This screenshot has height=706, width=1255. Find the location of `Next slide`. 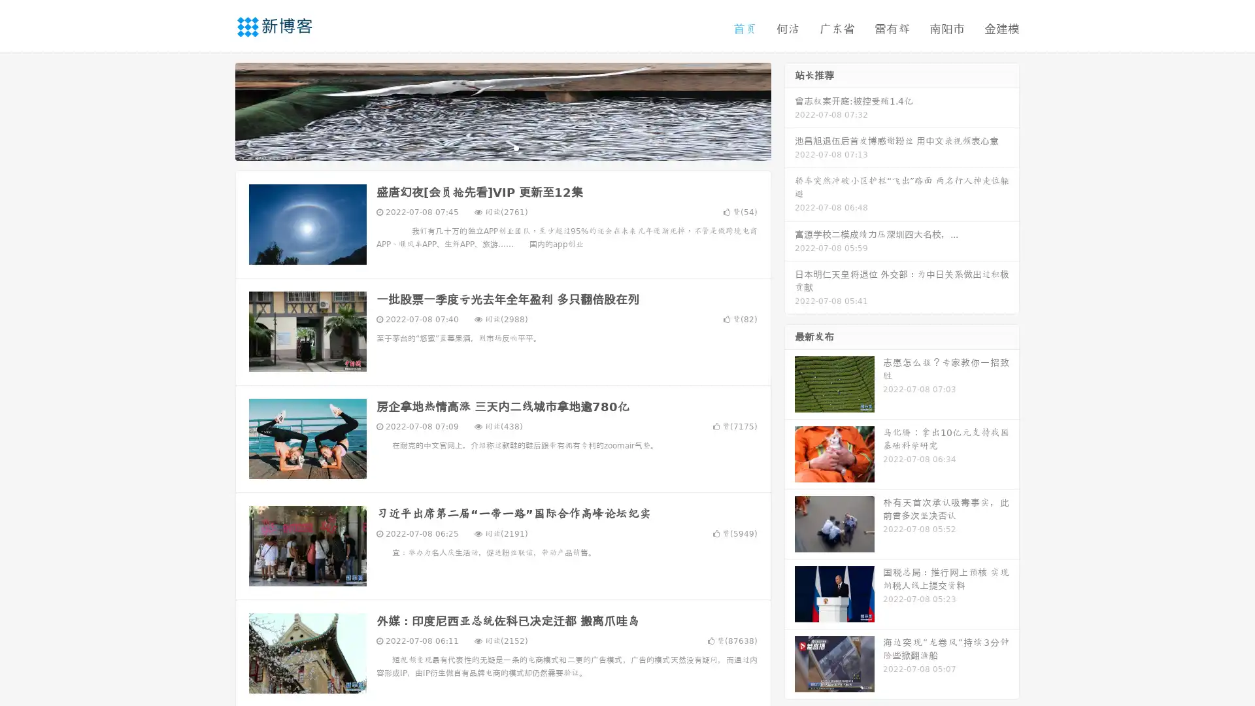

Next slide is located at coordinates (790, 110).